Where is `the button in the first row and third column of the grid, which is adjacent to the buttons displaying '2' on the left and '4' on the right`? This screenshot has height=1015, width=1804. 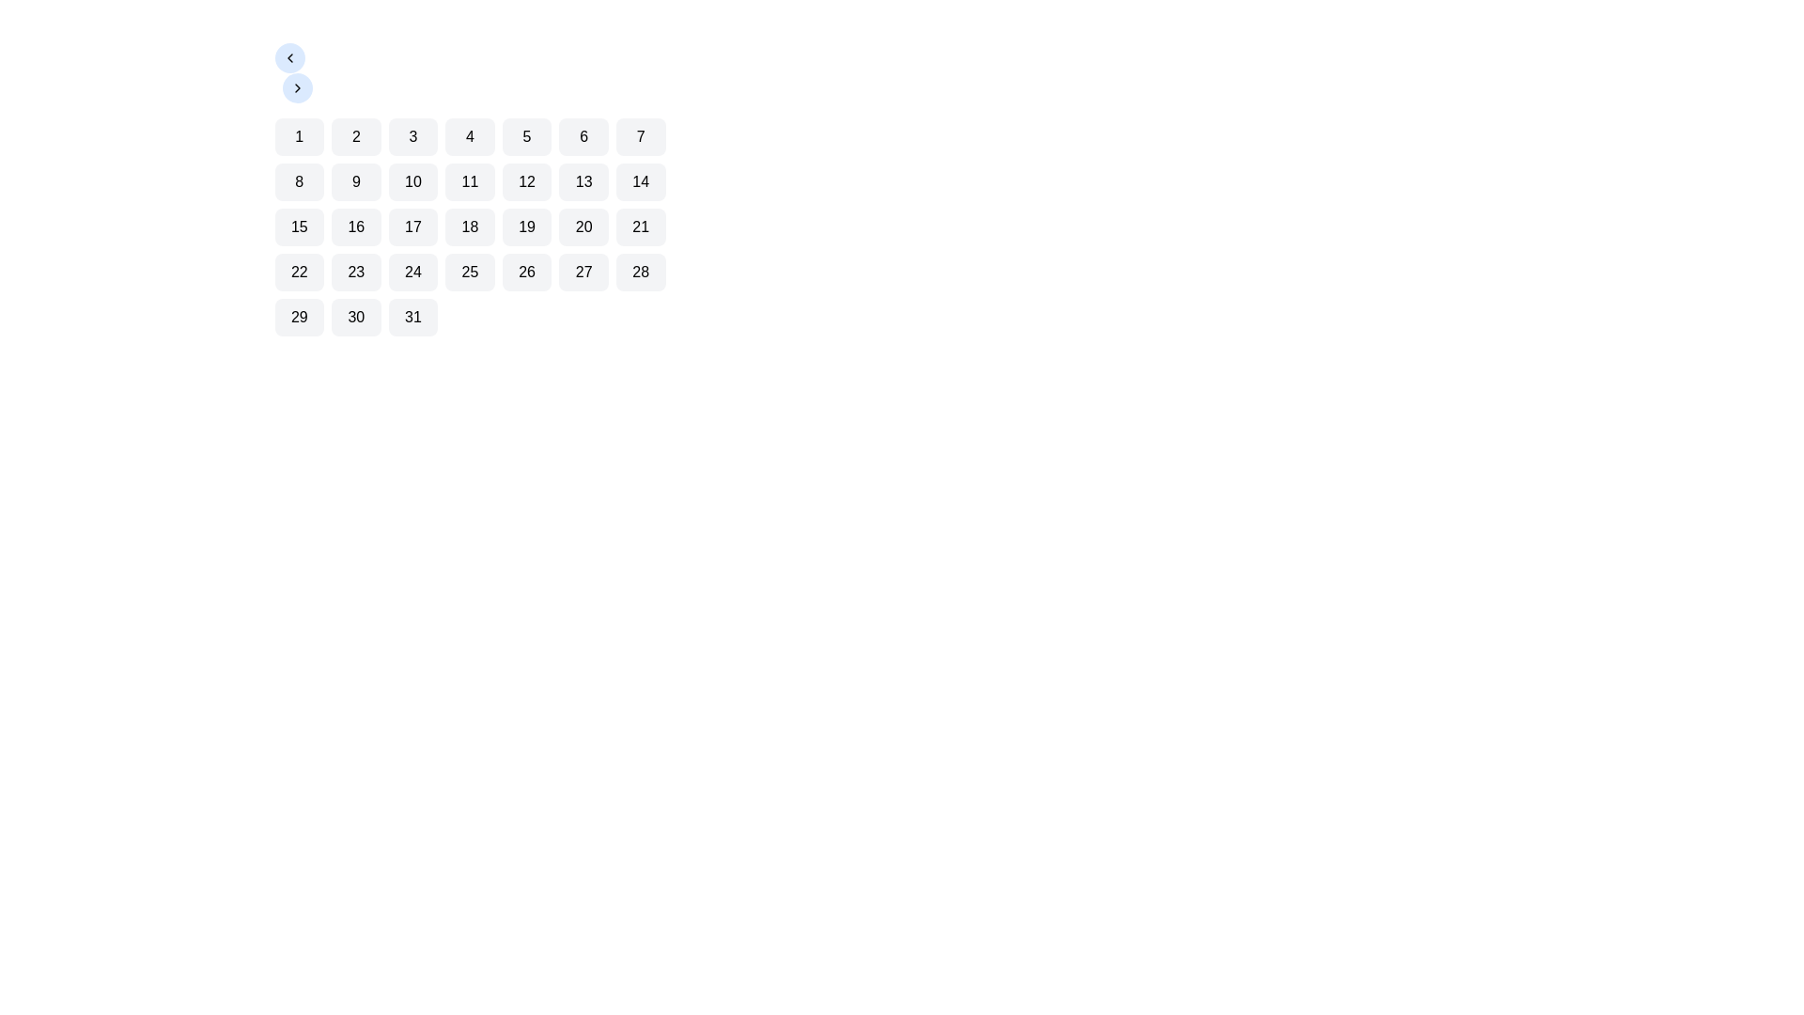
the button in the first row and third column of the grid, which is adjacent to the buttons displaying '2' on the left and '4' on the right is located at coordinates (412, 136).